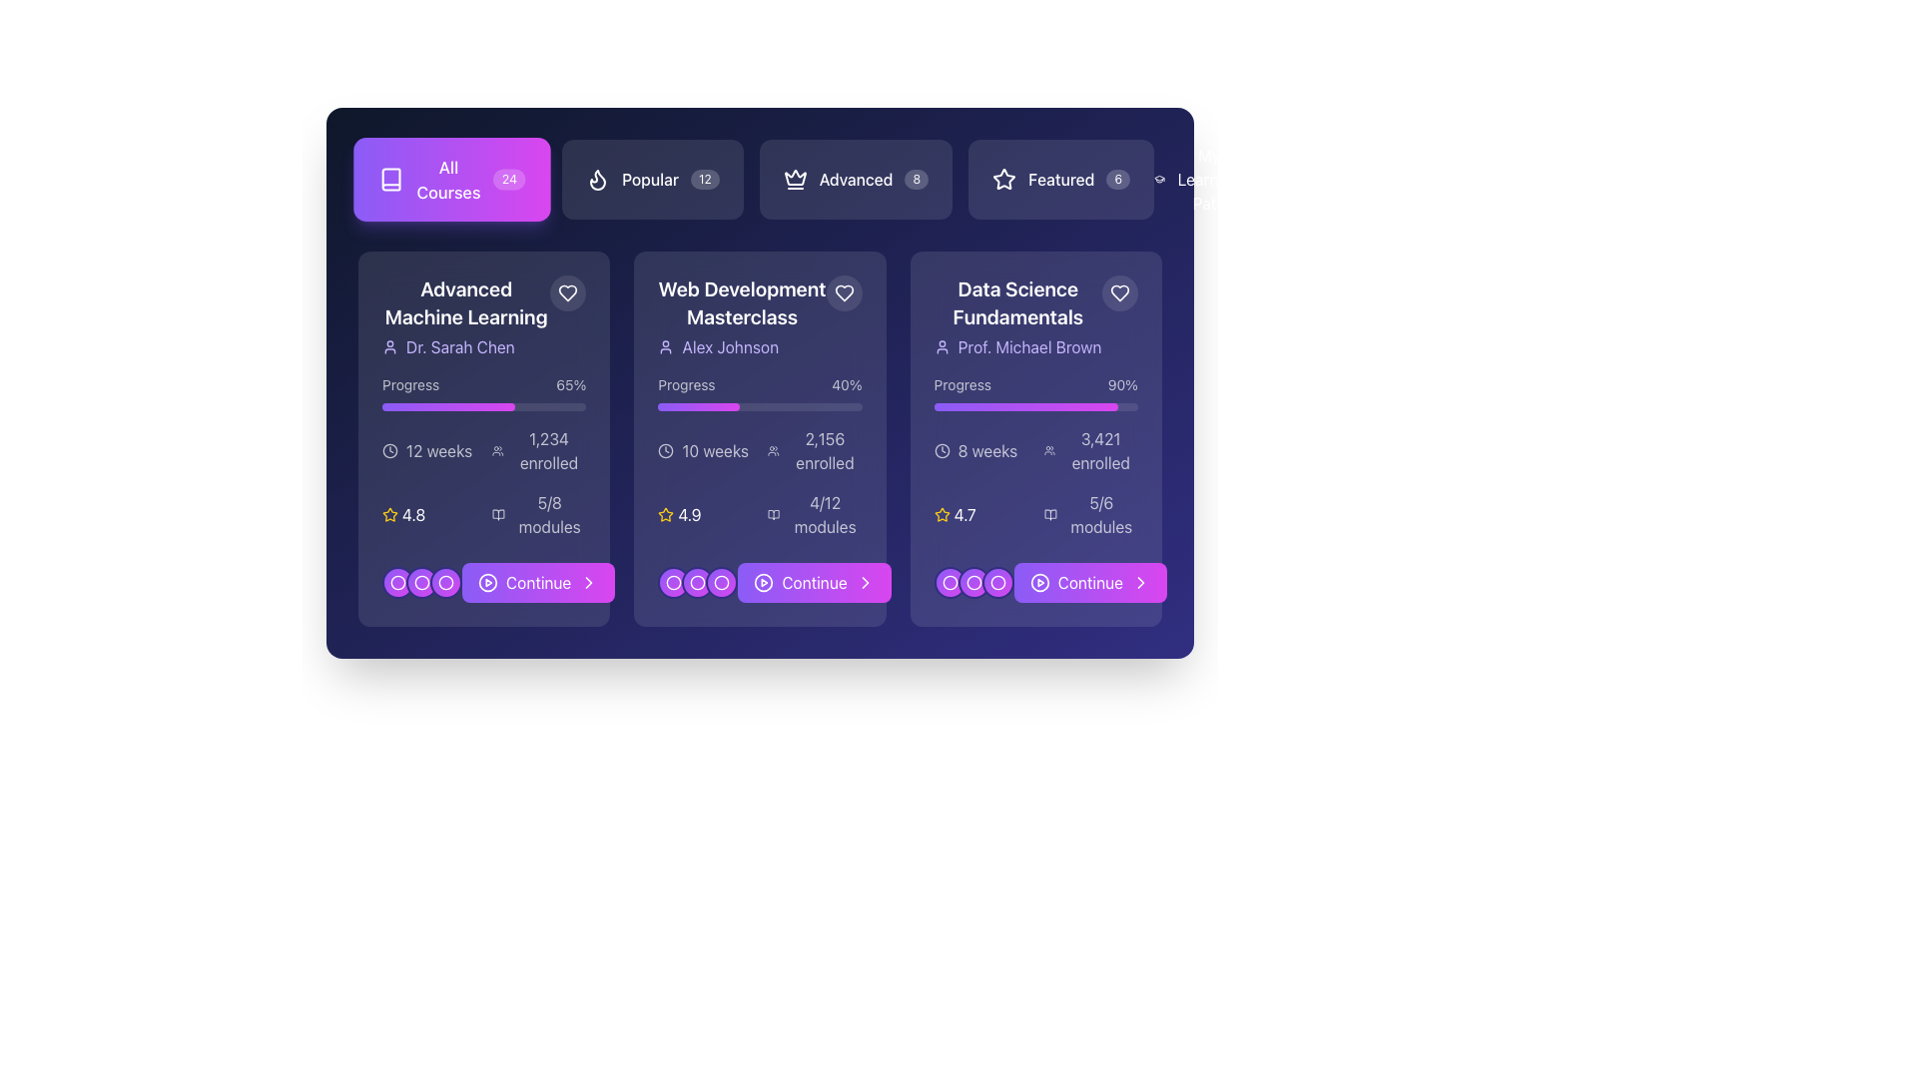  What do you see at coordinates (397, 582) in the screenshot?
I see `the second circular indicator in the group of three at the bottom of the 'Advanced Machine Learning' course card` at bounding box center [397, 582].